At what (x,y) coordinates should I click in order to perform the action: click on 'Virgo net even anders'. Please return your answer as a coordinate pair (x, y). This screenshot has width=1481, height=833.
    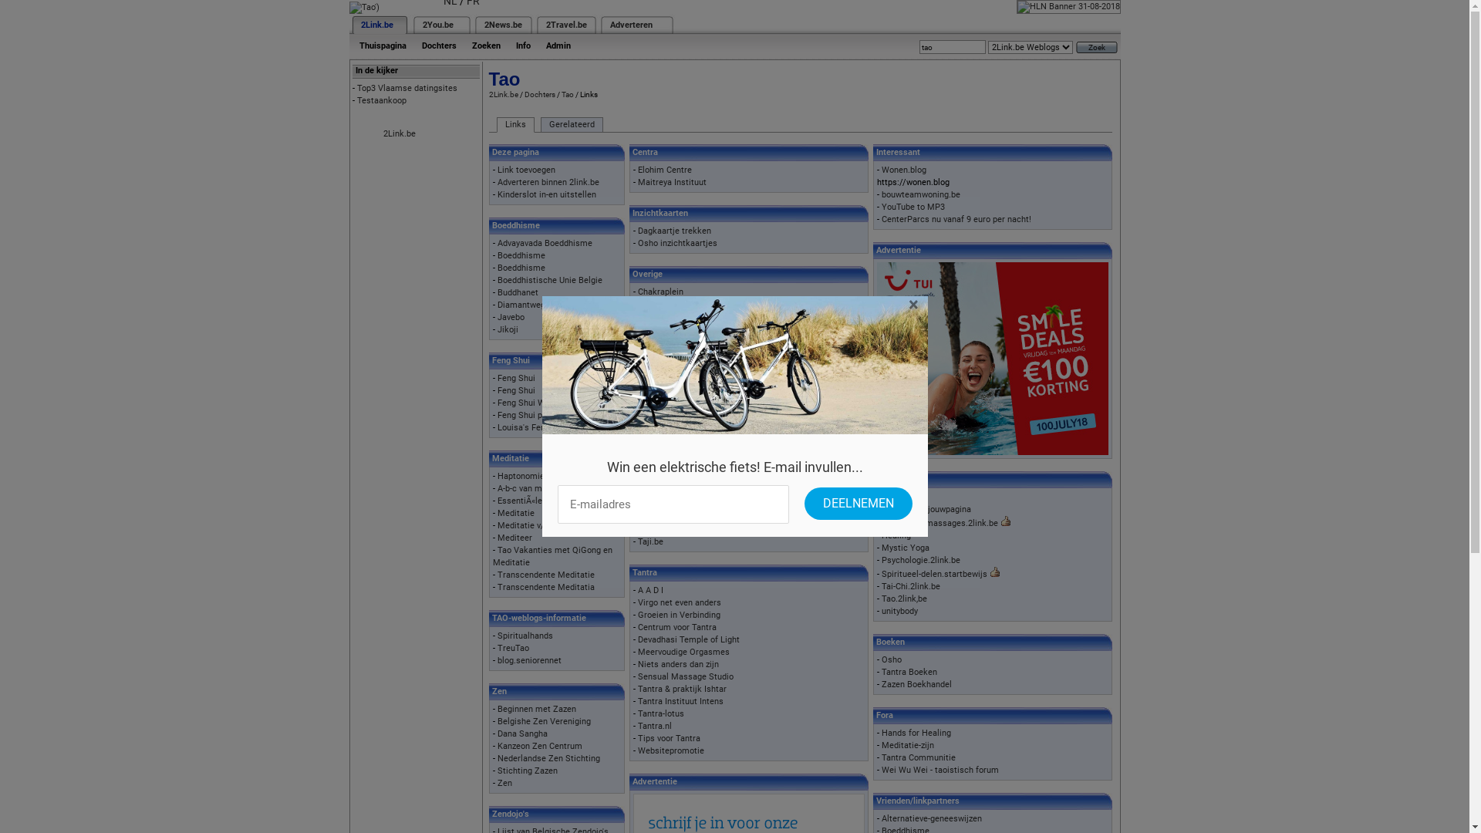
    Looking at the image, I should click on (678, 602).